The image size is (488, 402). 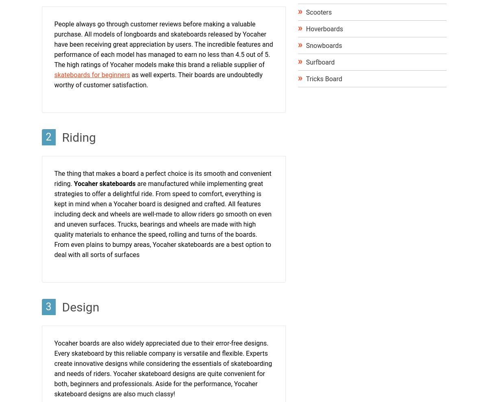 What do you see at coordinates (162, 178) in the screenshot?
I see `'The thing that makes a board a perfect choice is its smooth and convenient riding.'` at bounding box center [162, 178].